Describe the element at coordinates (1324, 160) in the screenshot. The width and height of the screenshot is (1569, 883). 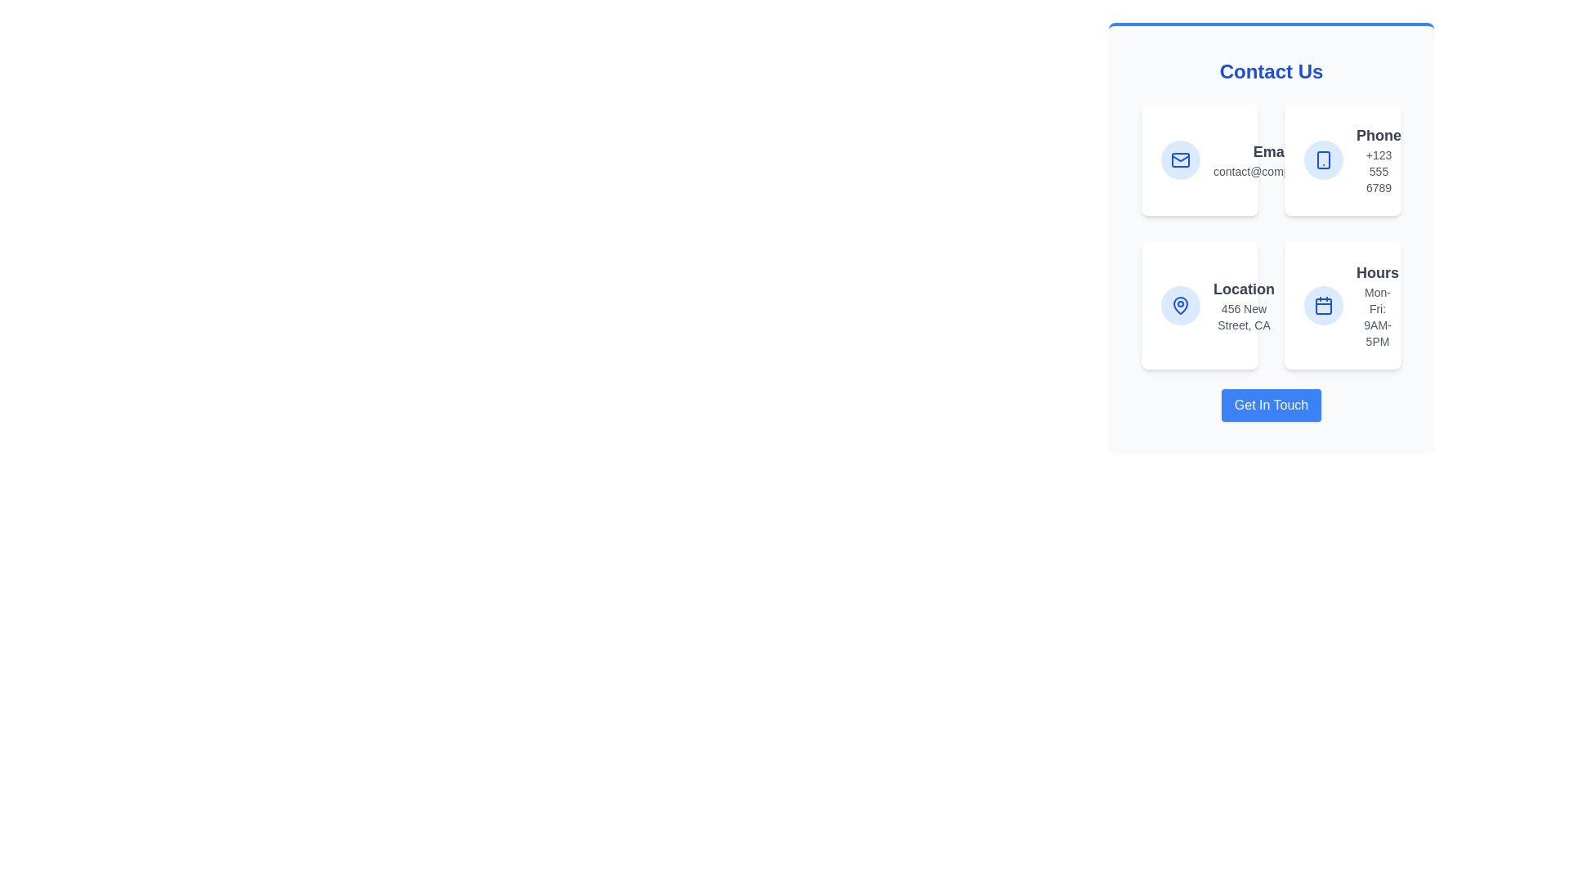
I see `the icon button representing phone contact information located in the top-right section of the grid layout card, which includes a phone icon, the title 'Phone', and the phone number '+123 555 6789'` at that location.